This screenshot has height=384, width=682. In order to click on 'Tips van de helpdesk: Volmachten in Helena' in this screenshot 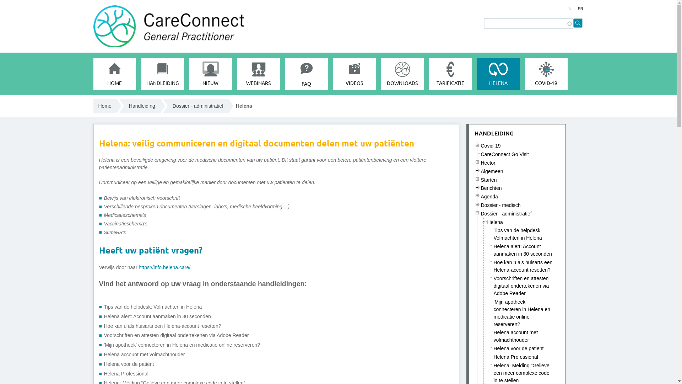, I will do `click(152, 306)`.